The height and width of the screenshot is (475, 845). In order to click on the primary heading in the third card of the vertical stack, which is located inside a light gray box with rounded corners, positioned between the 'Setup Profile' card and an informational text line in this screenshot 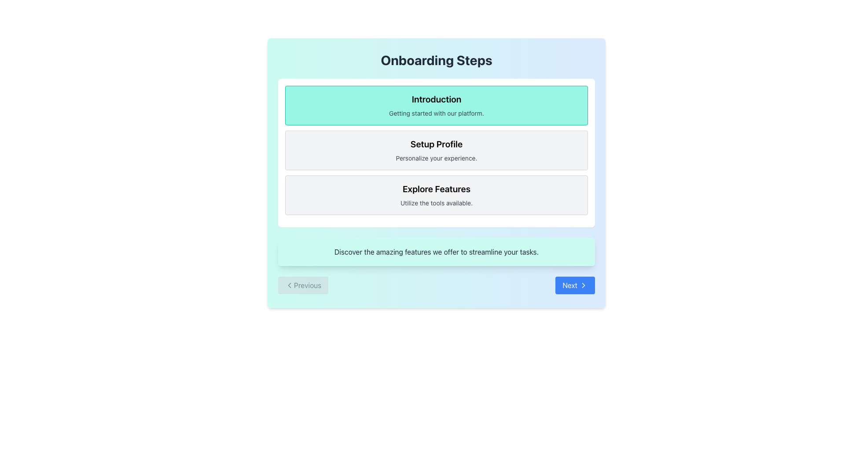, I will do `click(437, 188)`.